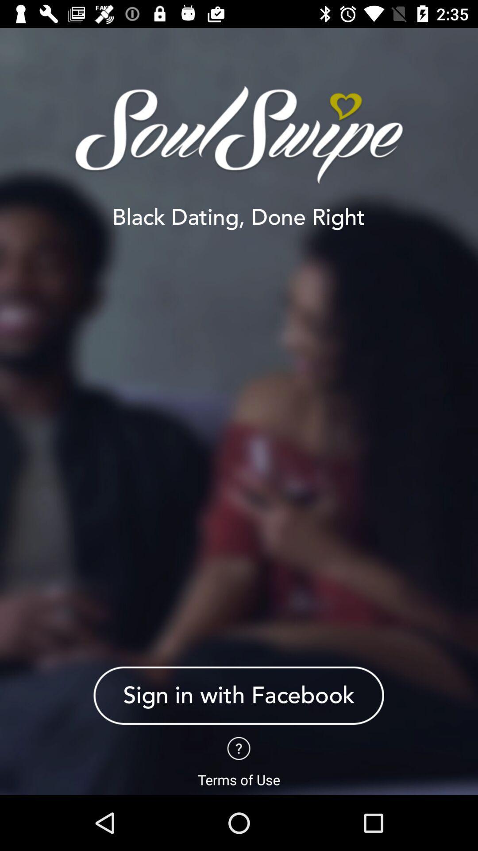 The width and height of the screenshot is (478, 851). What do you see at coordinates (238, 748) in the screenshot?
I see `it helps to find terms of use` at bounding box center [238, 748].